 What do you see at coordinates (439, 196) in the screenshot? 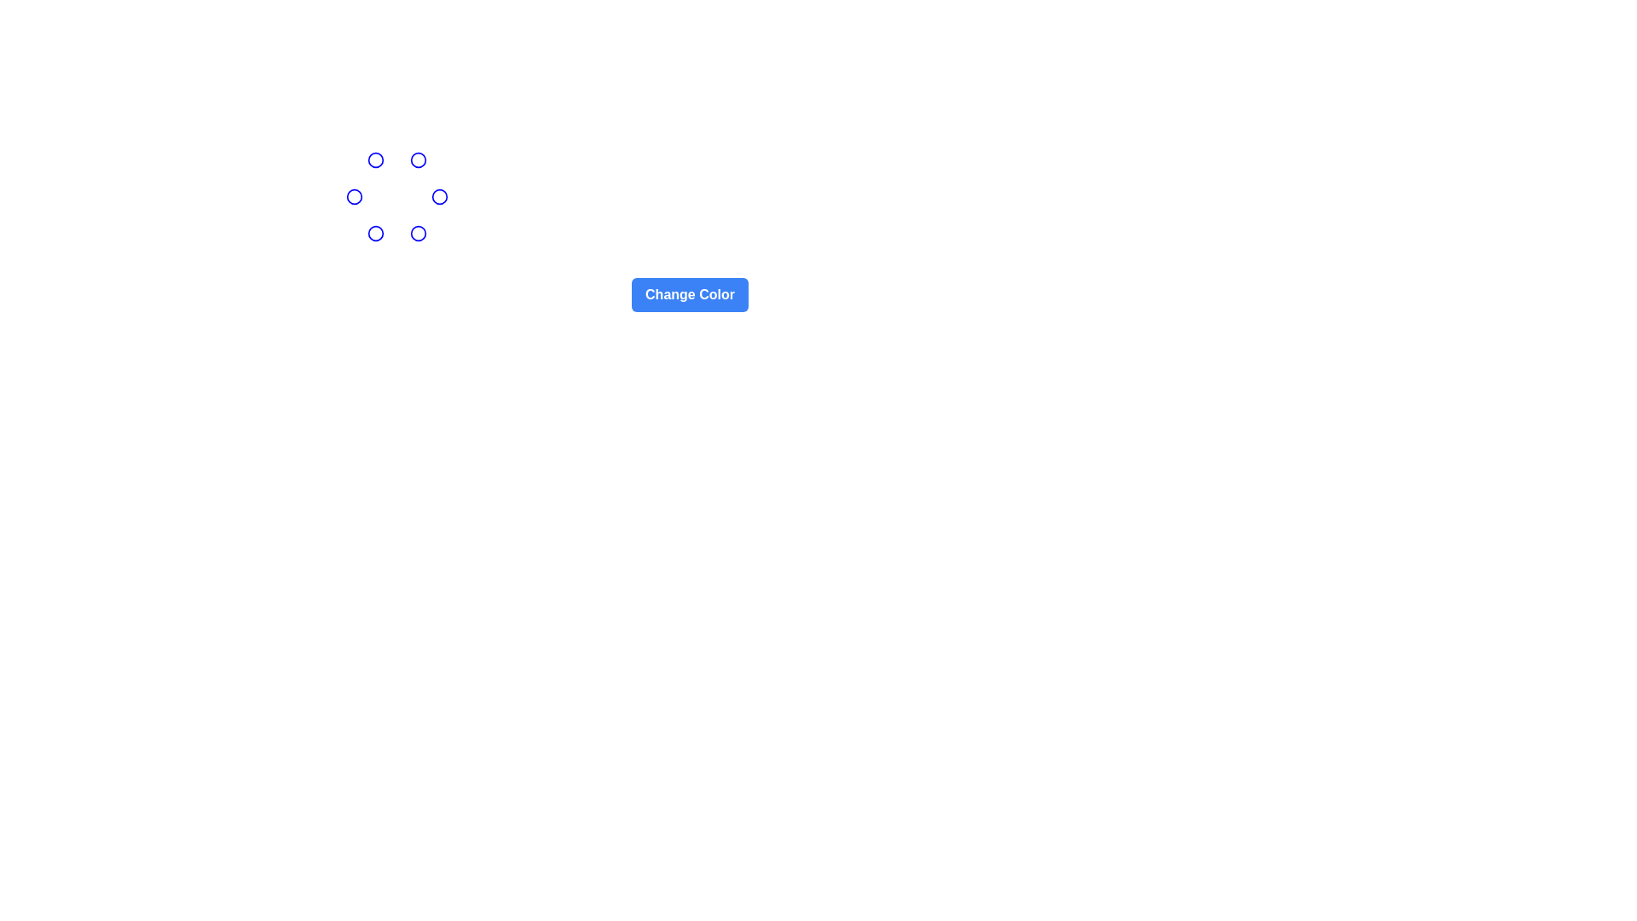
I see `the rightmost circular element of a group of decorative or interactive icons` at bounding box center [439, 196].